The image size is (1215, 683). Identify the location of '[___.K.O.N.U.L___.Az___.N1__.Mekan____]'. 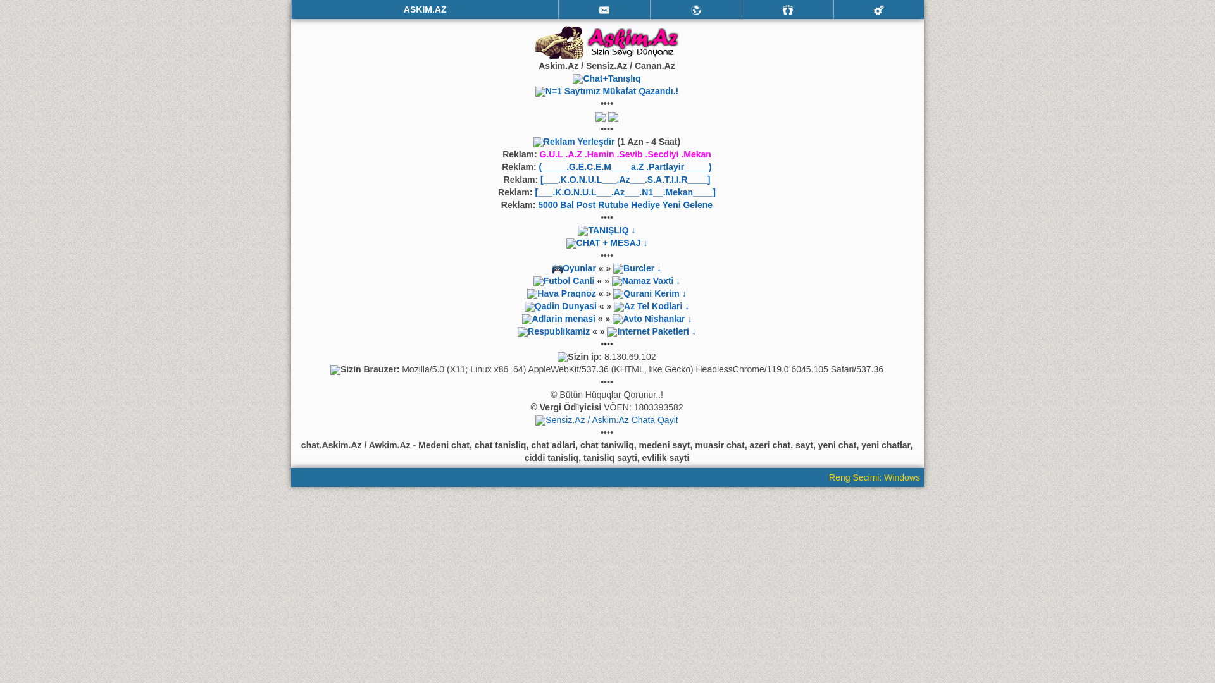
(625, 192).